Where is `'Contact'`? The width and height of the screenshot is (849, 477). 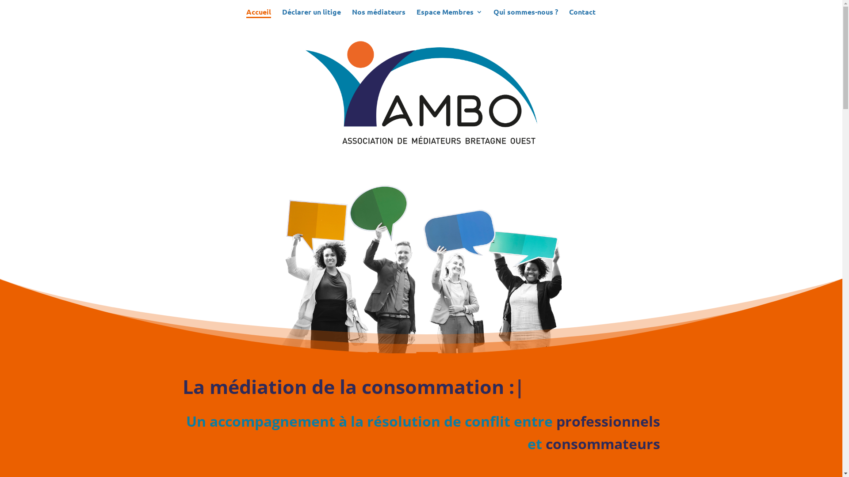
'Contact' is located at coordinates (581, 15).